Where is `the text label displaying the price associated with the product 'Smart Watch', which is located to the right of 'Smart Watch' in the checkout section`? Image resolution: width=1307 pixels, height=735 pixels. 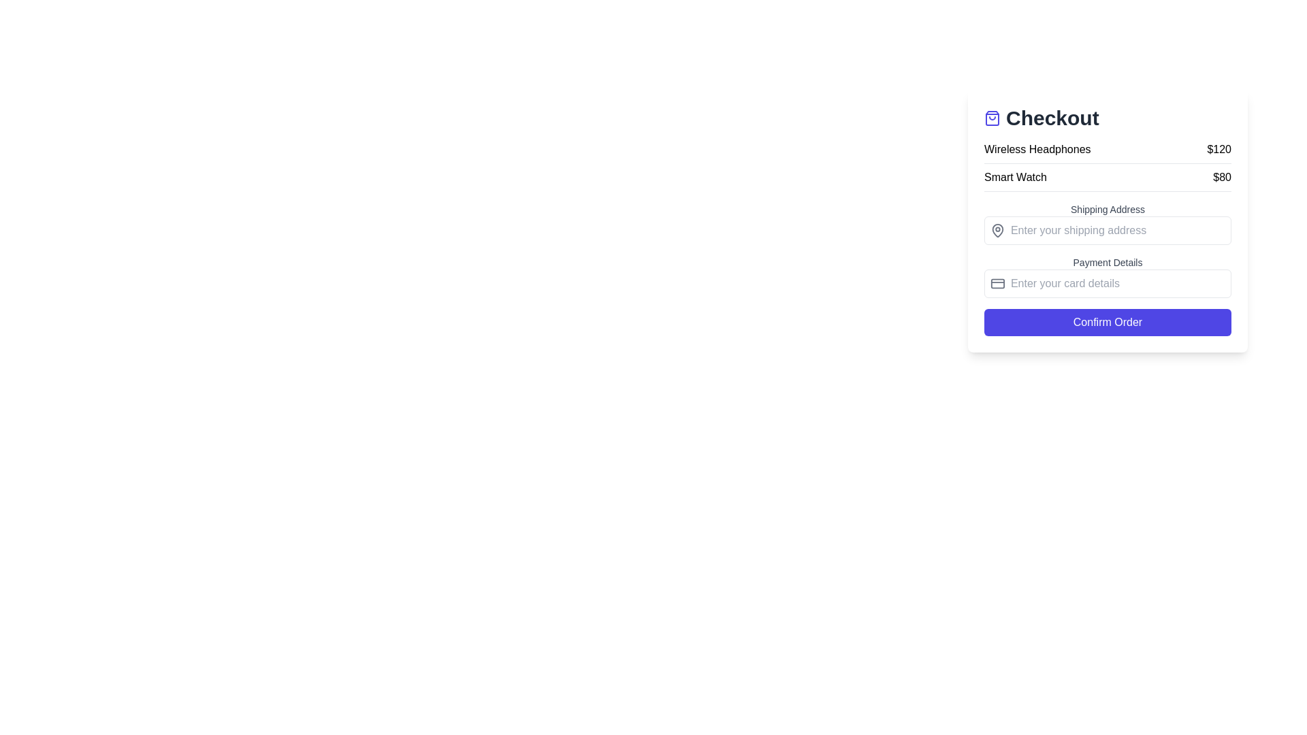
the text label displaying the price associated with the product 'Smart Watch', which is located to the right of 'Smart Watch' in the checkout section is located at coordinates (1222, 177).